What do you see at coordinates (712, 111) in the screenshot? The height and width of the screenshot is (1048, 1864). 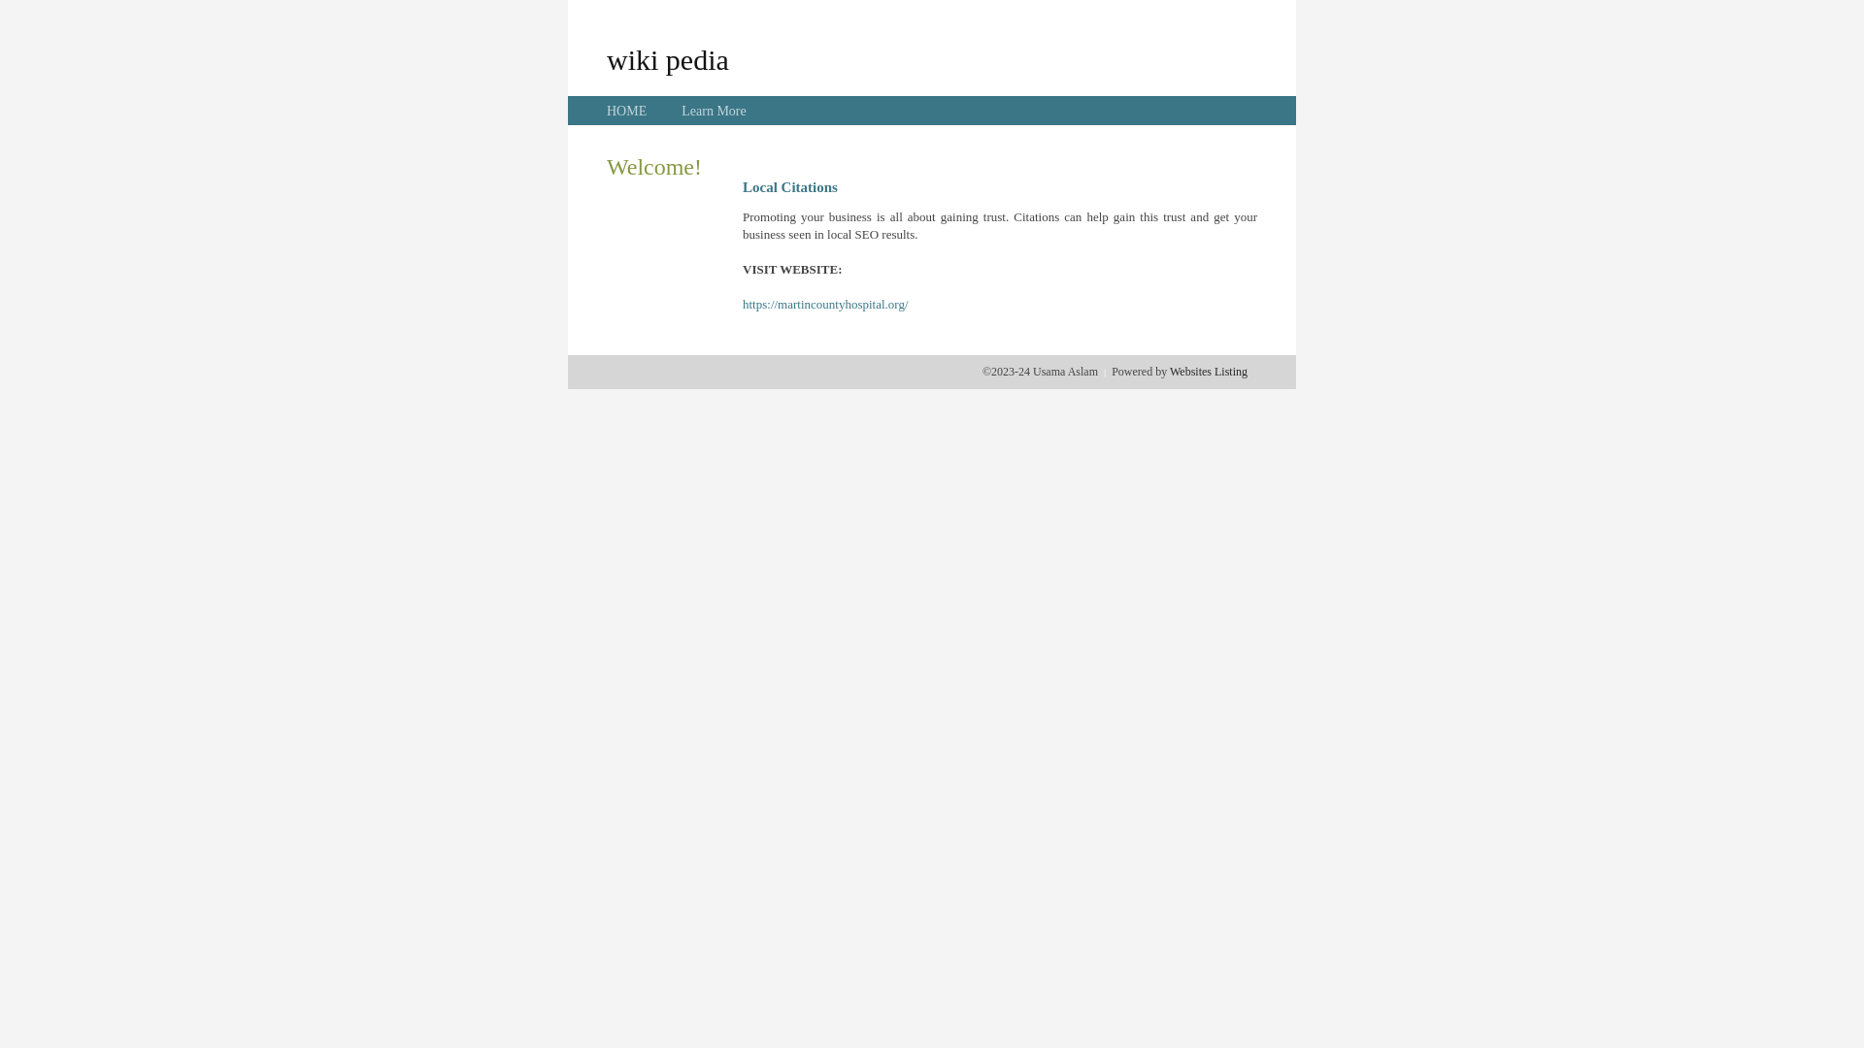 I see `'Learn More'` at bounding box center [712, 111].